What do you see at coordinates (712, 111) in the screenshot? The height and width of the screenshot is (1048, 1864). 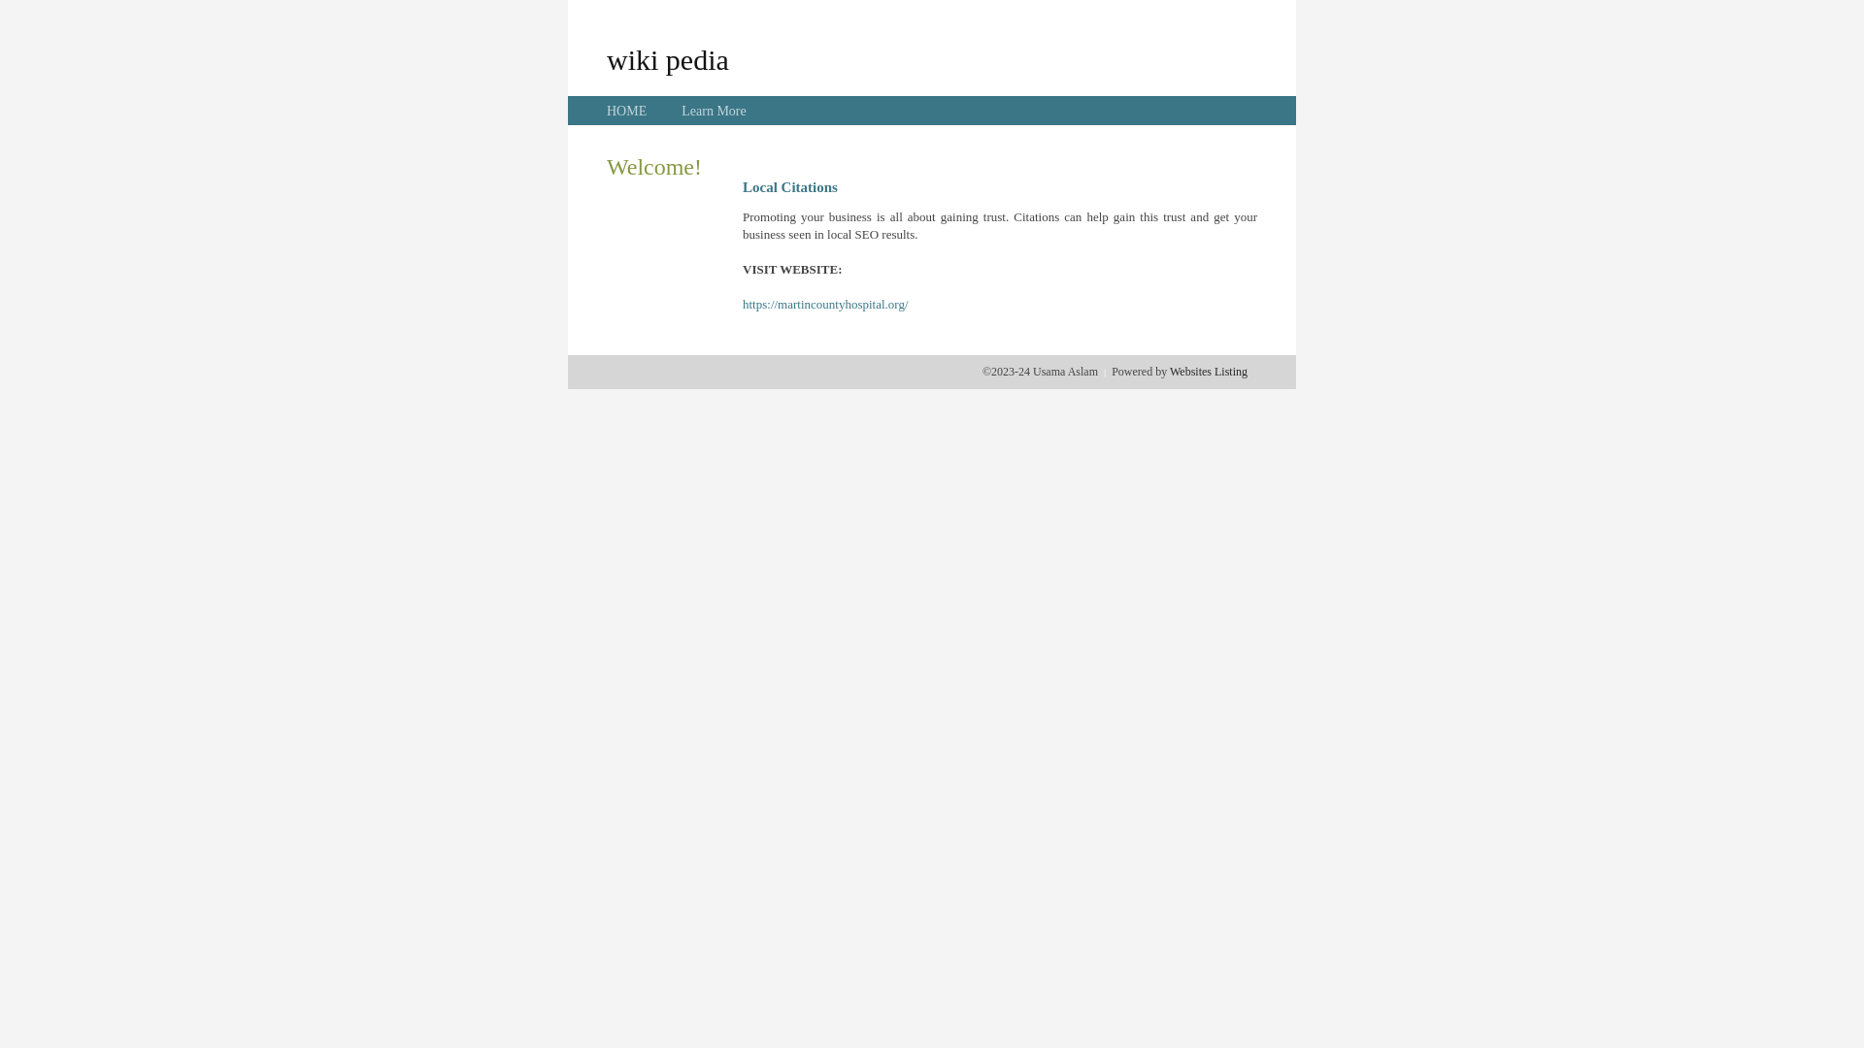 I see `'Learn More'` at bounding box center [712, 111].